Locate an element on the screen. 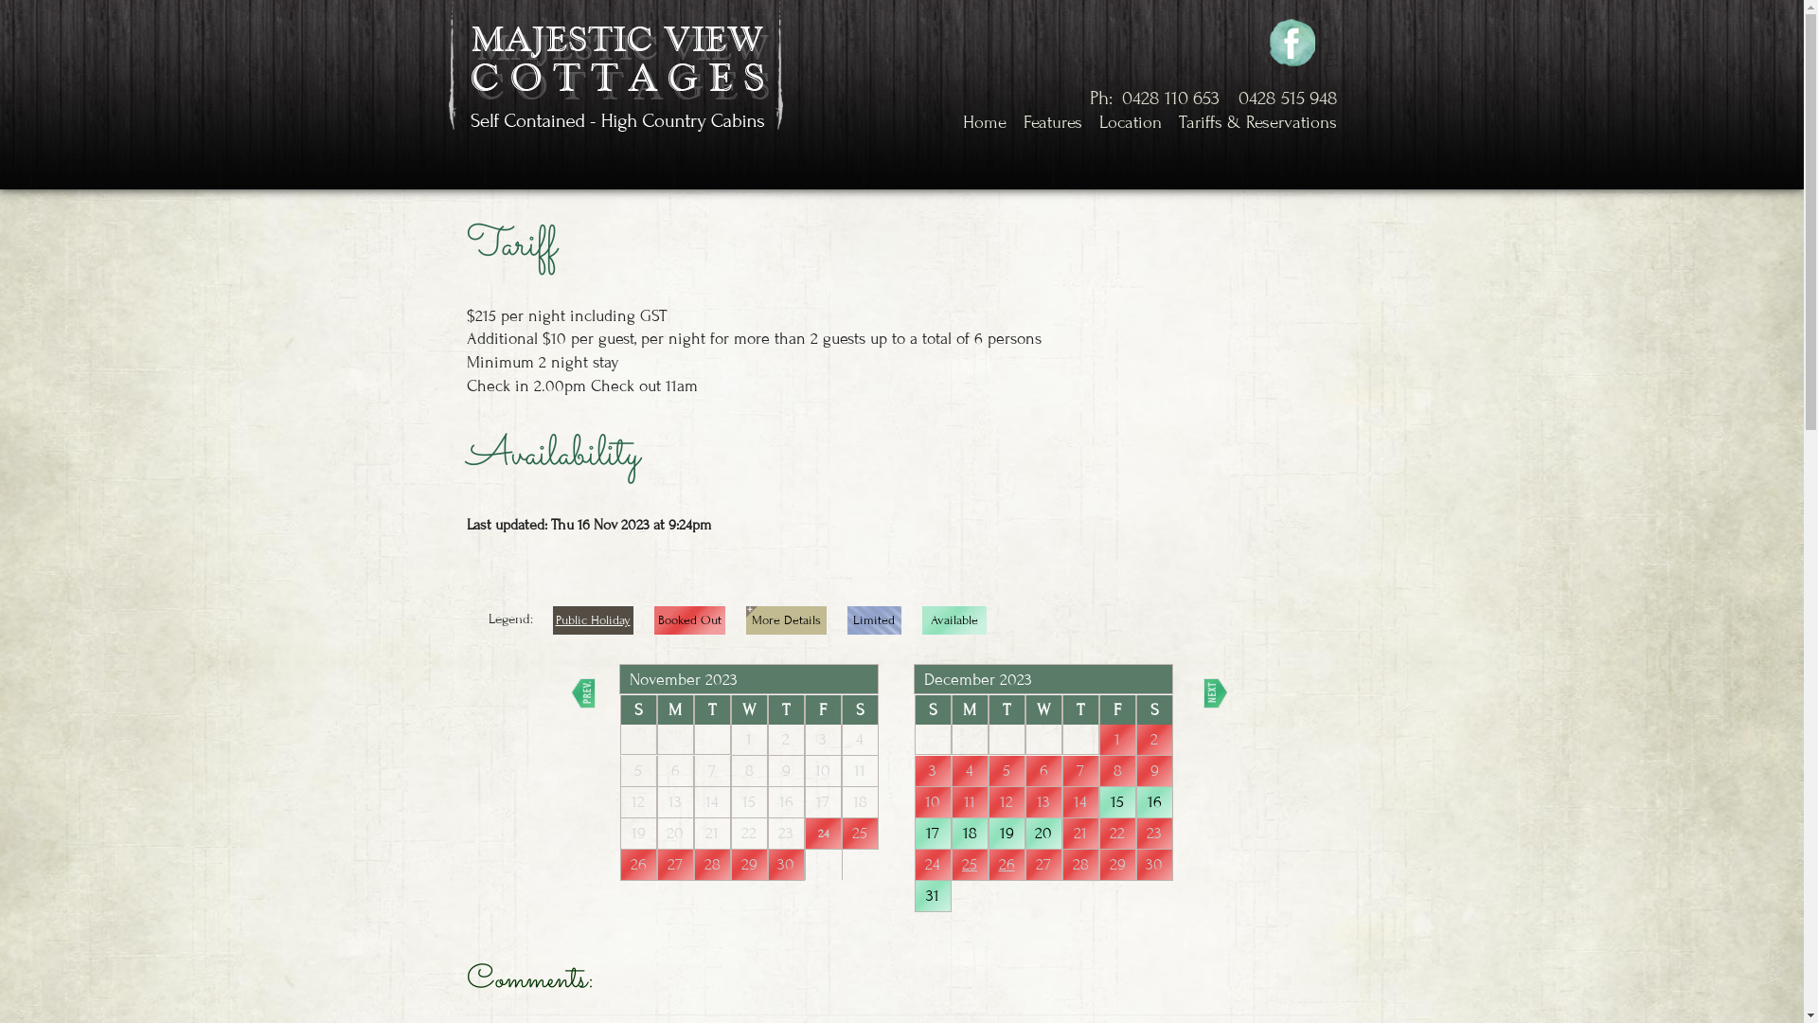  '0428 110 653' is located at coordinates (1168, 99).